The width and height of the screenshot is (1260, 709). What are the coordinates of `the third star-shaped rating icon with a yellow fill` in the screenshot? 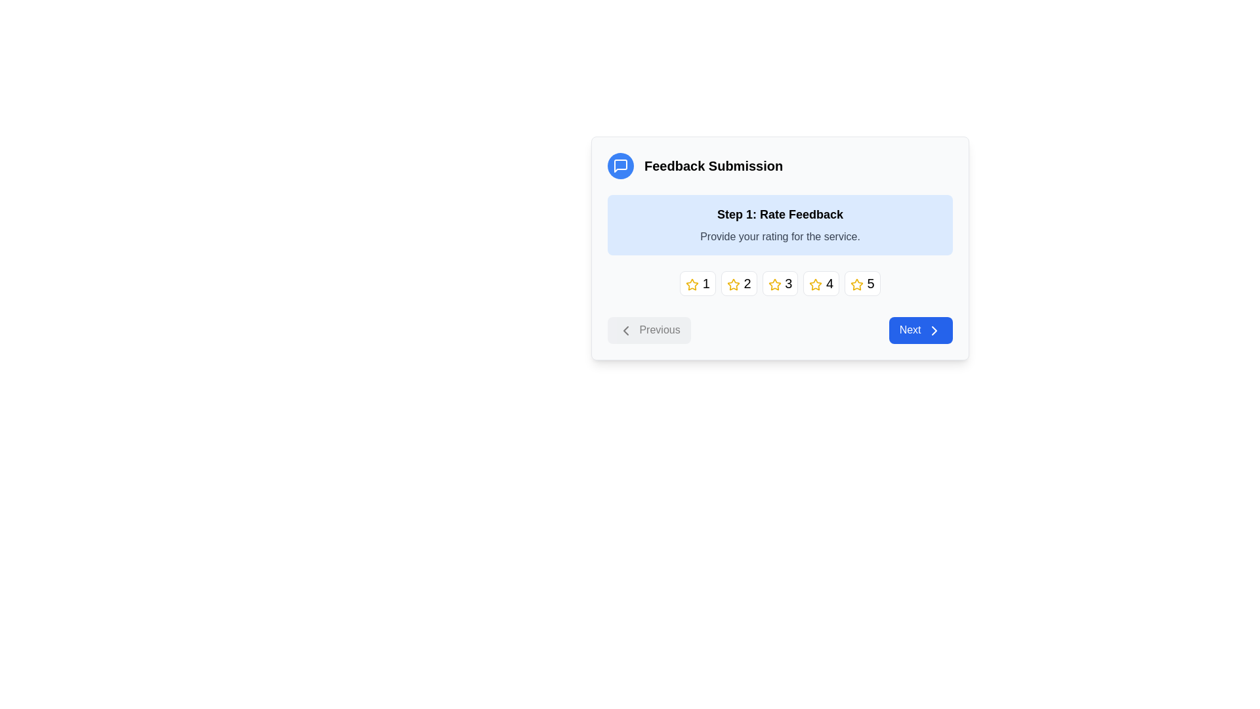 It's located at (774, 284).